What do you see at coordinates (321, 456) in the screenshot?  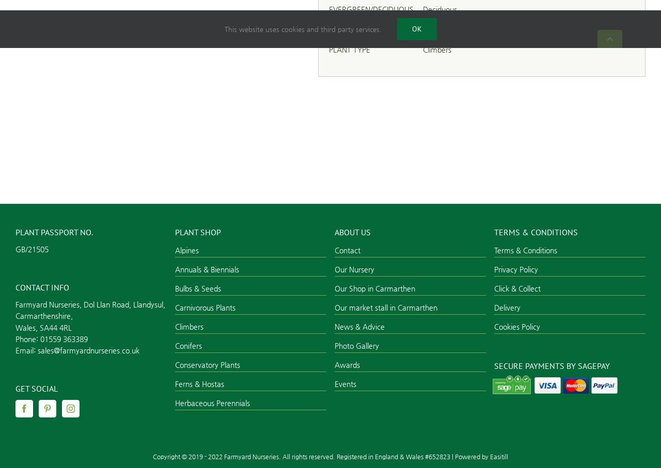 I see `'Copyright © 2019 - 2022 Farmyard Nurseries. All rights reserved. Registered in England & Wales #652823 | Powered by'` at bounding box center [321, 456].